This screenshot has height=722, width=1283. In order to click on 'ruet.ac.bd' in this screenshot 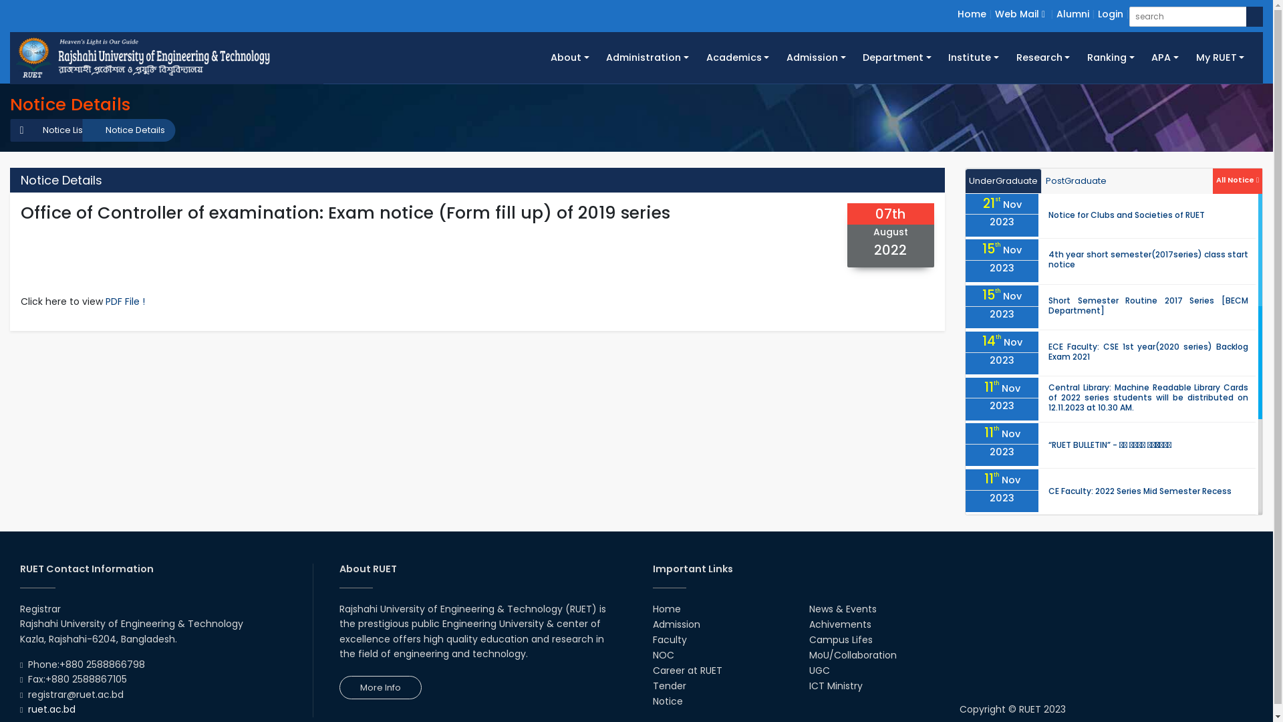, I will do `click(51, 708)`.